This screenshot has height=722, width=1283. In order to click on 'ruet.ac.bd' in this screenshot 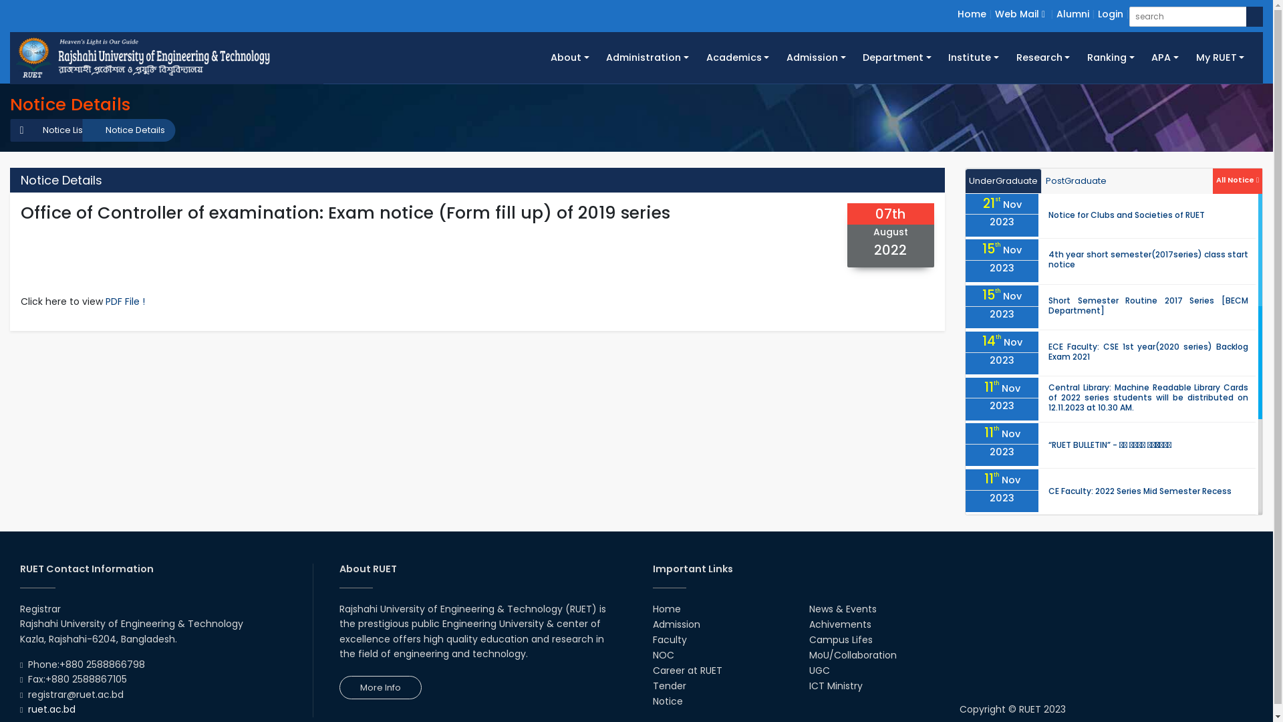, I will do `click(51, 708)`.